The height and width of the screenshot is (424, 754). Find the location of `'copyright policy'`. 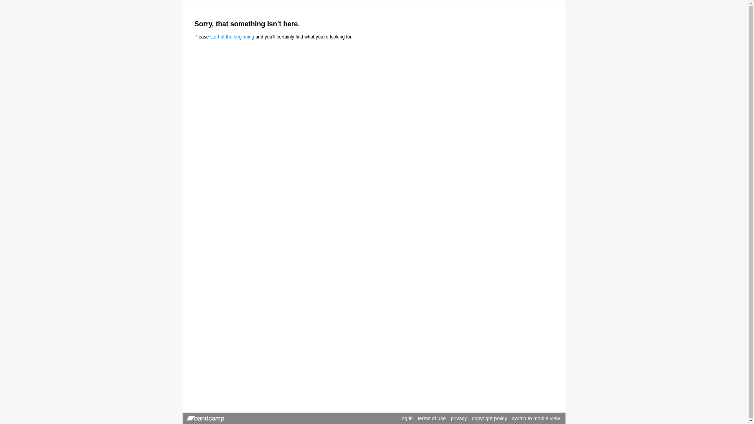

'copyright policy' is located at coordinates (471, 418).